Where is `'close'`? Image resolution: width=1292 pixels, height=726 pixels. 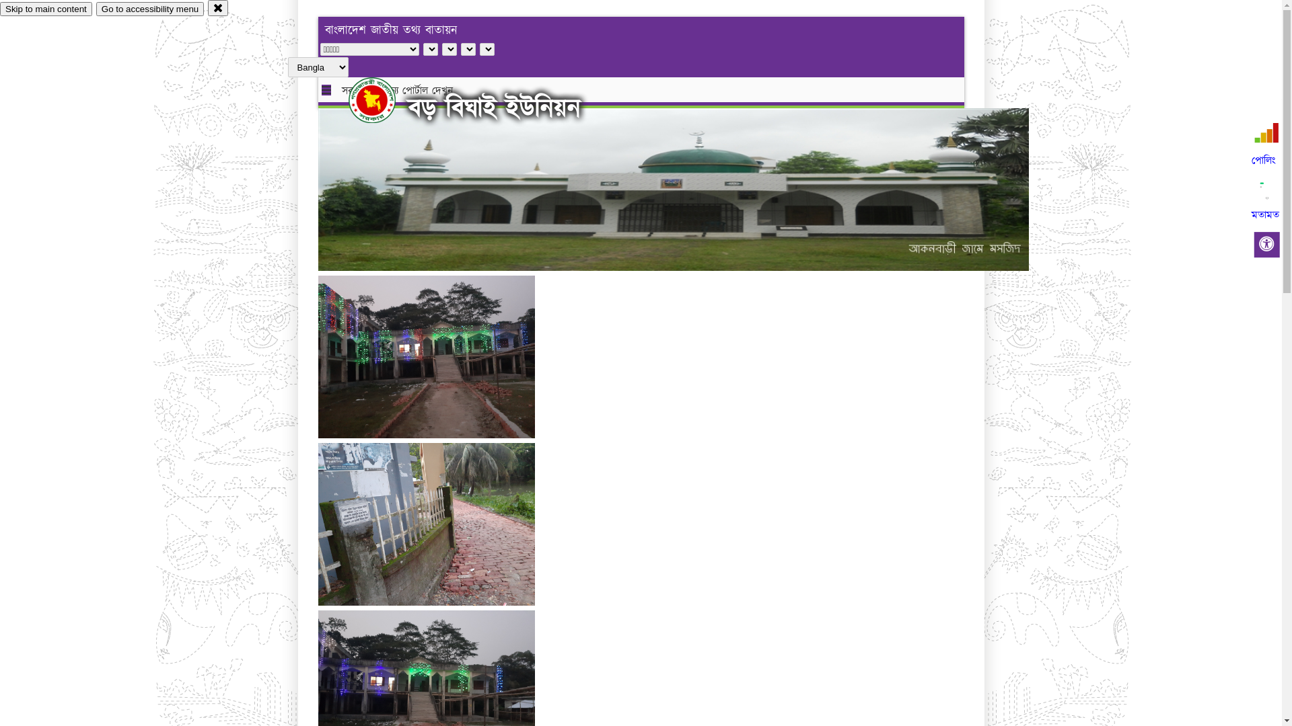
'close' is located at coordinates (207, 7).